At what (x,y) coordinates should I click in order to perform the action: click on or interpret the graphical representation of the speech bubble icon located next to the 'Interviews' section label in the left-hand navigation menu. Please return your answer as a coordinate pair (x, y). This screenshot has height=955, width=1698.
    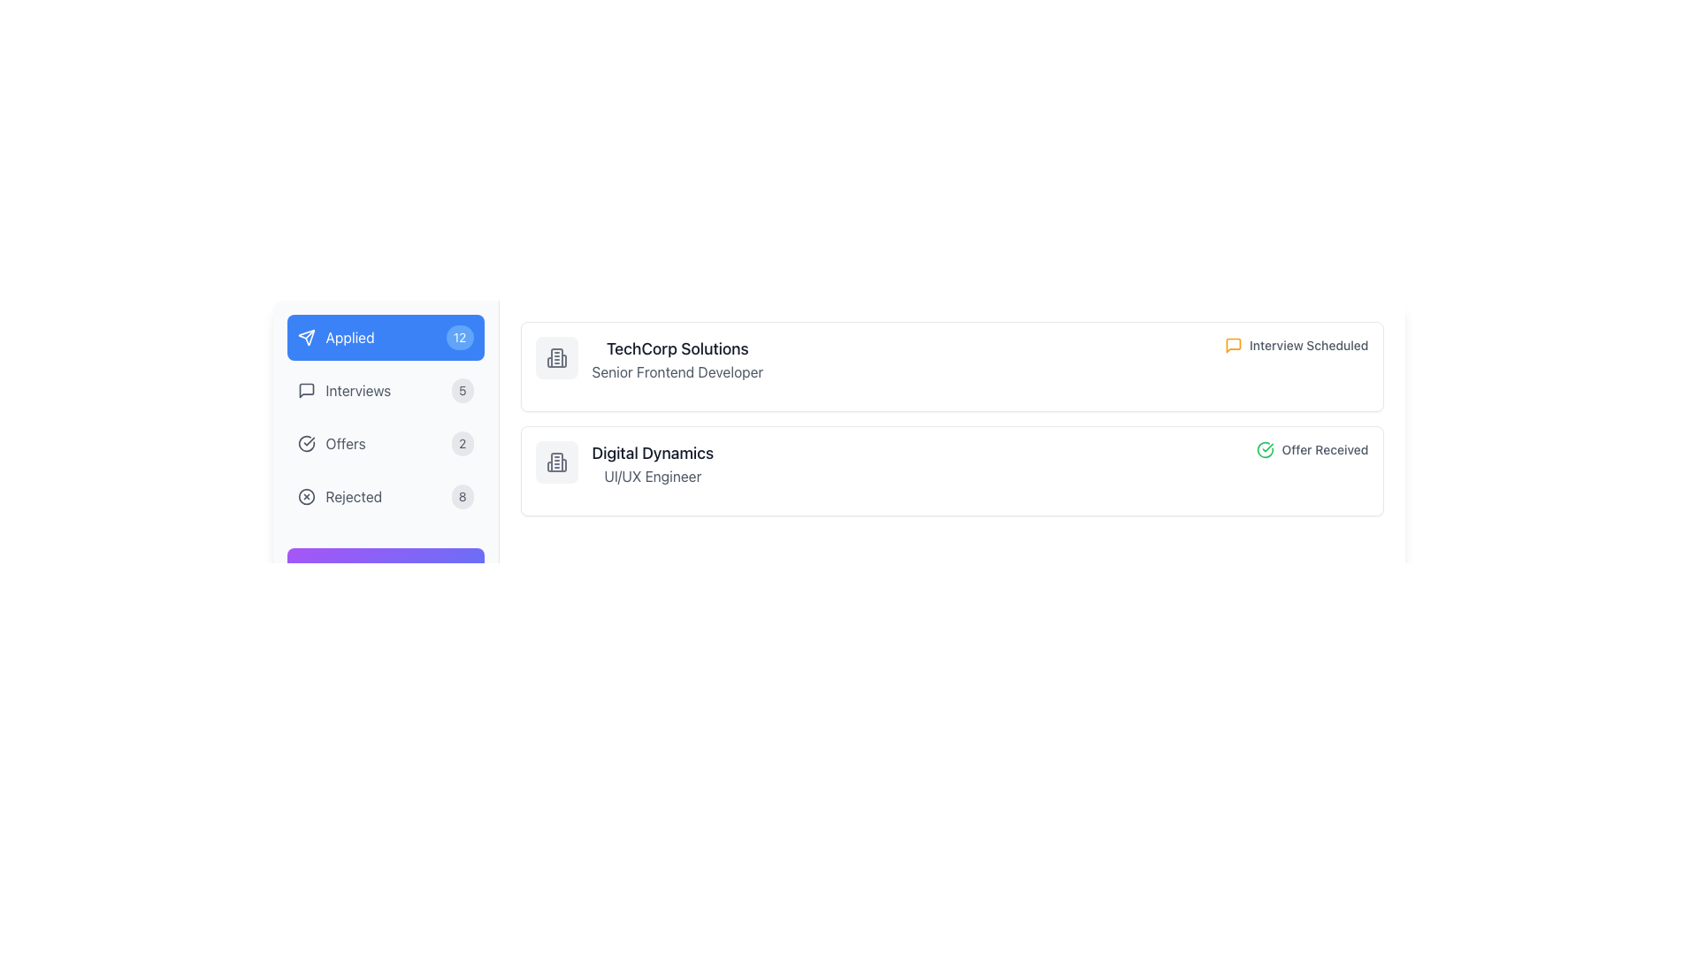
    Looking at the image, I should click on (306, 390).